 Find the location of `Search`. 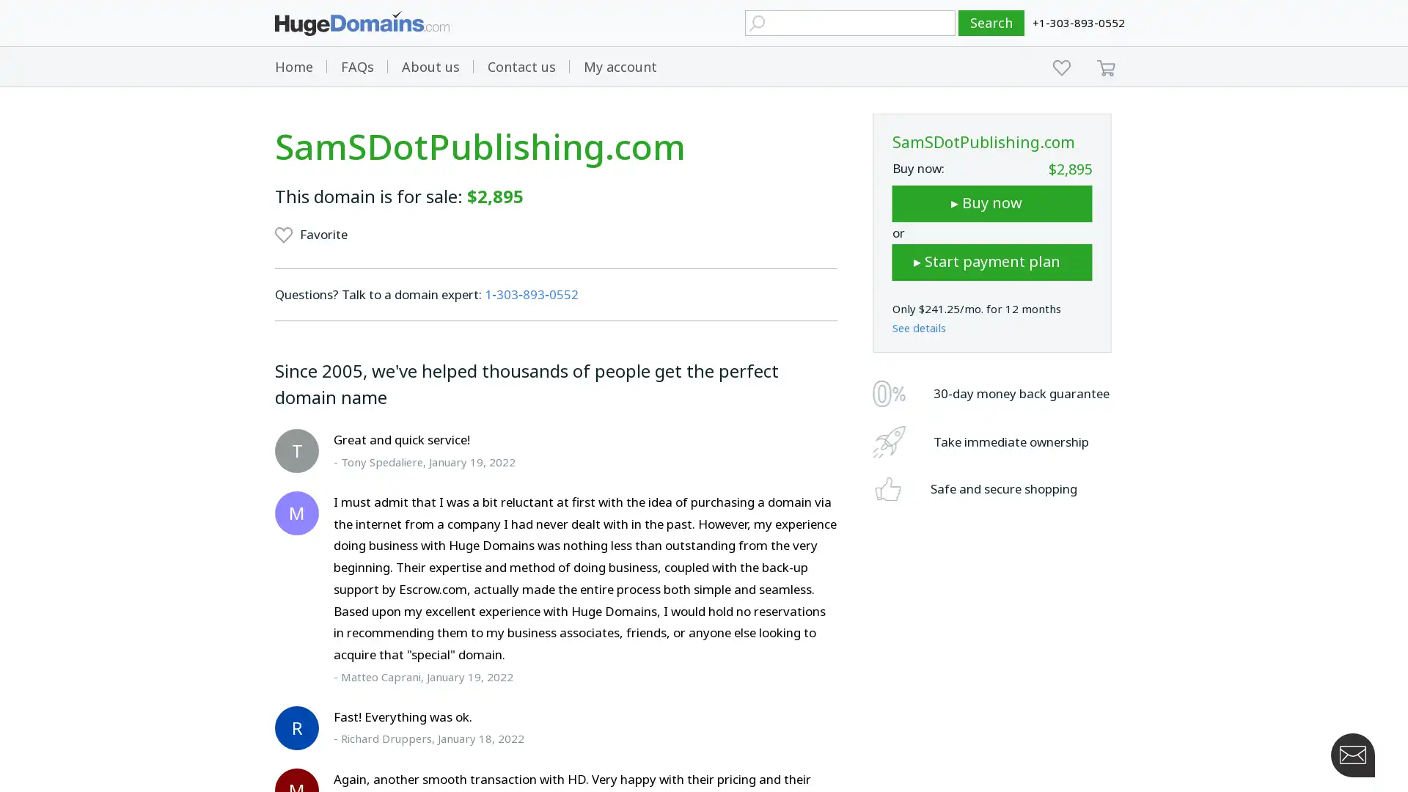

Search is located at coordinates (991, 23).